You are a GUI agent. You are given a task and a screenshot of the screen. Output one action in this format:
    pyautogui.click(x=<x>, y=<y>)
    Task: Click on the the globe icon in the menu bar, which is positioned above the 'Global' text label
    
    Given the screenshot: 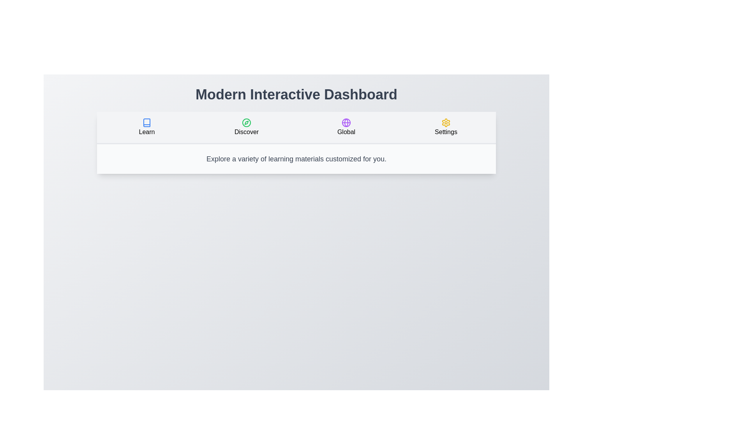 What is the action you would take?
    pyautogui.click(x=346, y=123)
    